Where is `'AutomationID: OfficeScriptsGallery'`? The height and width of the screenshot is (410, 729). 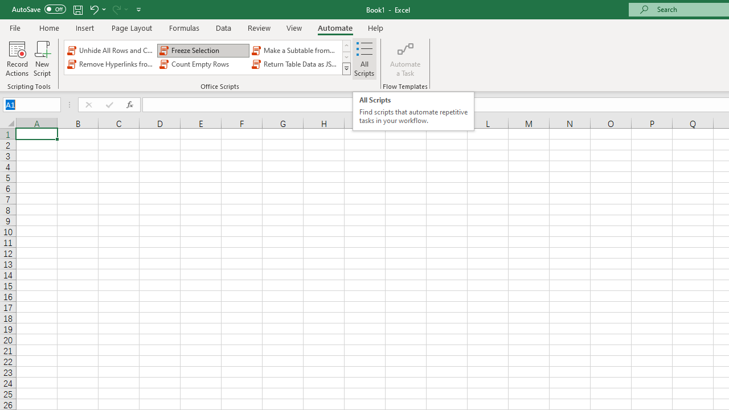
'AutomationID: OfficeScriptsGallery' is located at coordinates (208, 57).